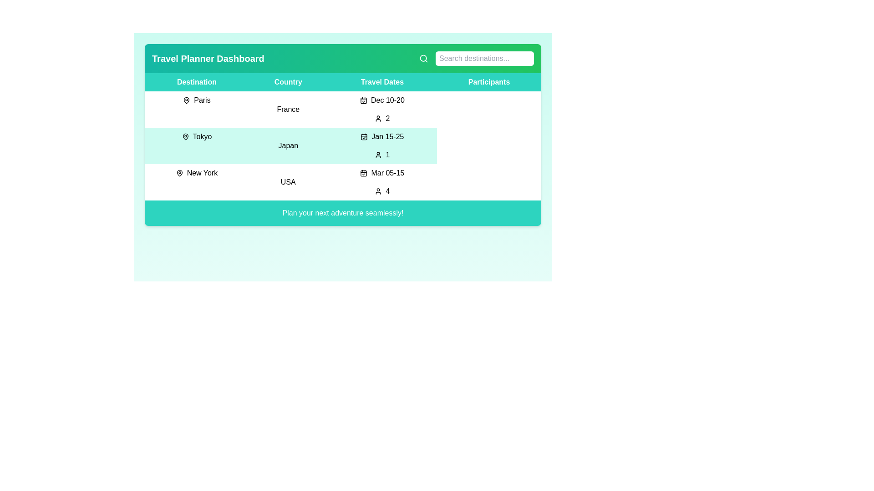  Describe the element at coordinates (342, 109) in the screenshot. I see `the first row of the travel entry table, which contains information about the destination, country, travel dates, and participants` at that location.